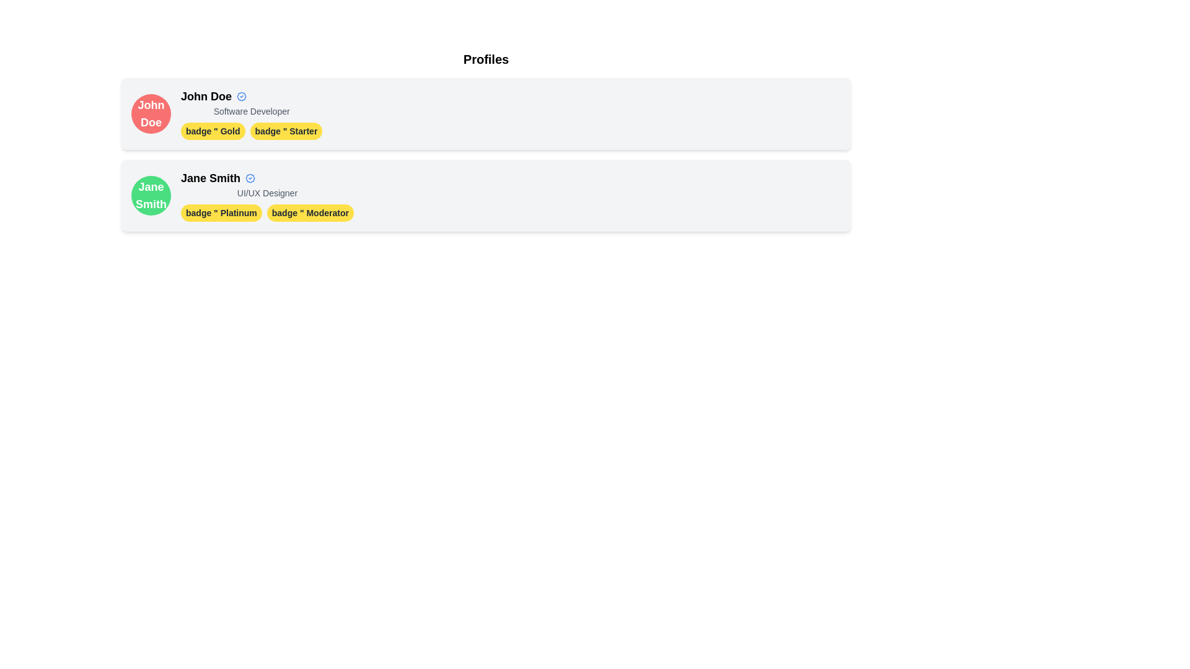 The image size is (1190, 669). What do you see at coordinates (267, 193) in the screenshot?
I see `the text label indicating the professional role of 'Jane Smith' located in the second profile card, directly beneath the name for copy-pasting` at bounding box center [267, 193].